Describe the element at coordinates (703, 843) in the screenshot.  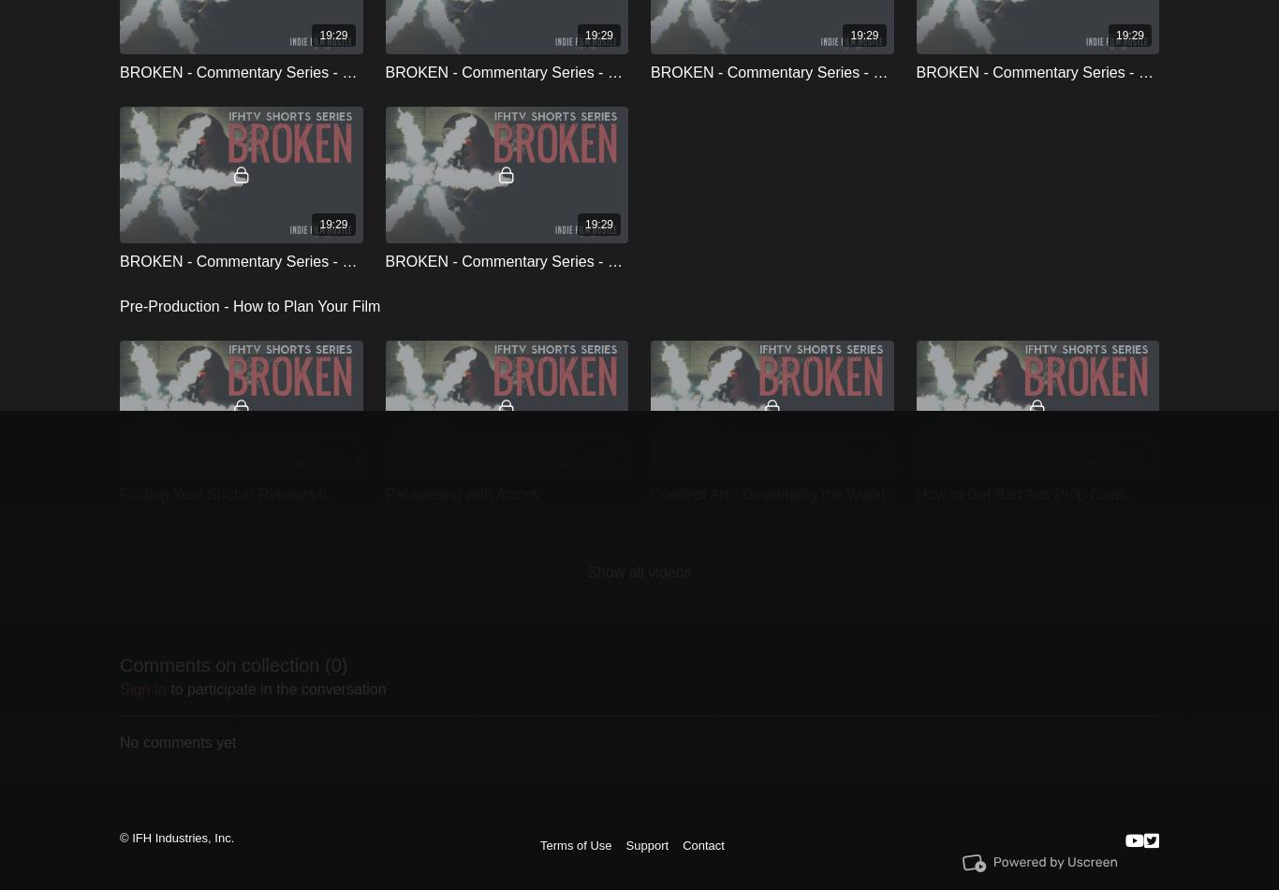
I see `'Contact'` at that location.